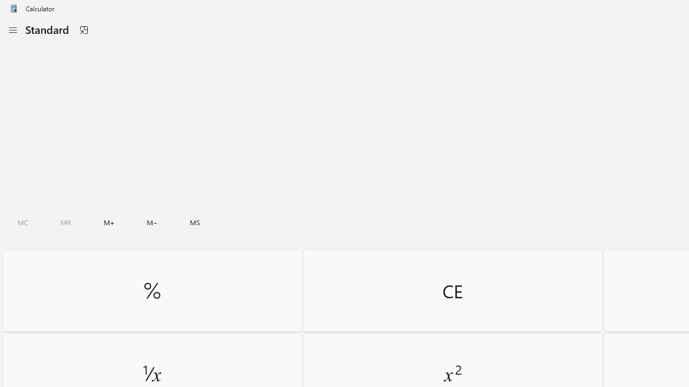 The width and height of the screenshot is (689, 387). What do you see at coordinates (23, 222) in the screenshot?
I see `'Clear all memory'` at bounding box center [23, 222].